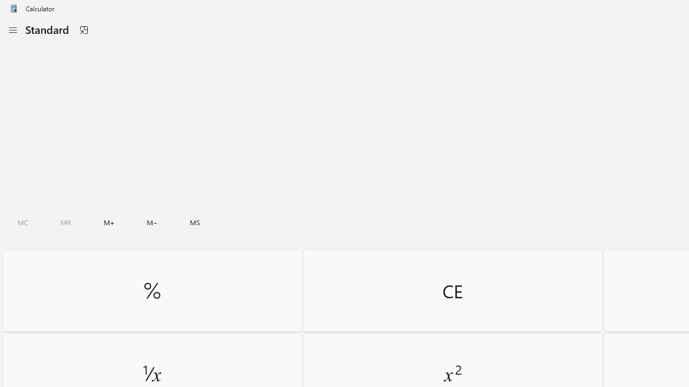 The width and height of the screenshot is (689, 387). What do you see at coordinates (23, 222) in the screenshot?
I see `'Clear all memory'` at bounding box center [23, 222].